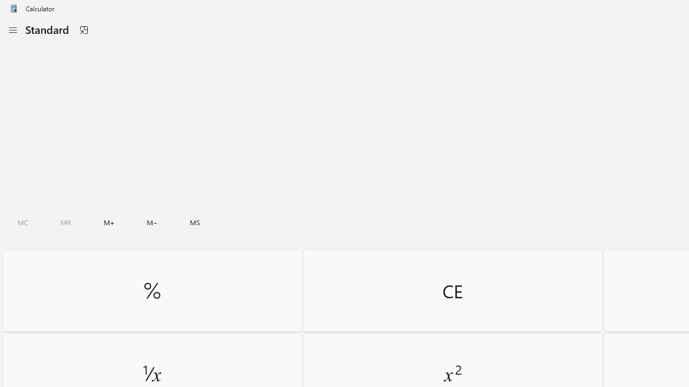 The width and height of the screenshot is (689, 387). What do you see at coordinates (23, 222) in the screenshot?
I see `'Clear all memory'` at bounding box center [23, 222].